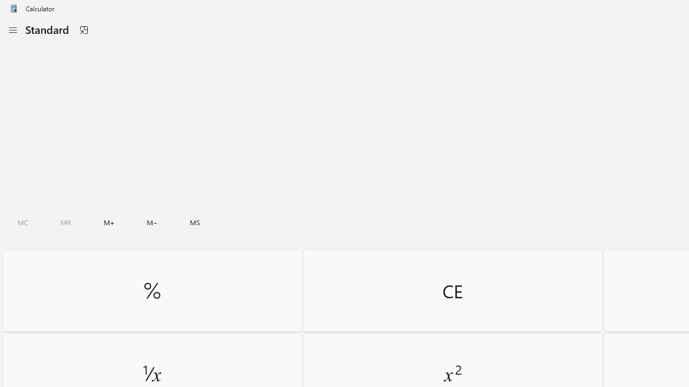 The width and height of the screenshot is (689, 387). What do you see at coordinates (23, 222) in the screenshot?
I see `'Clear all memory'` at bounding box center [23, 222].